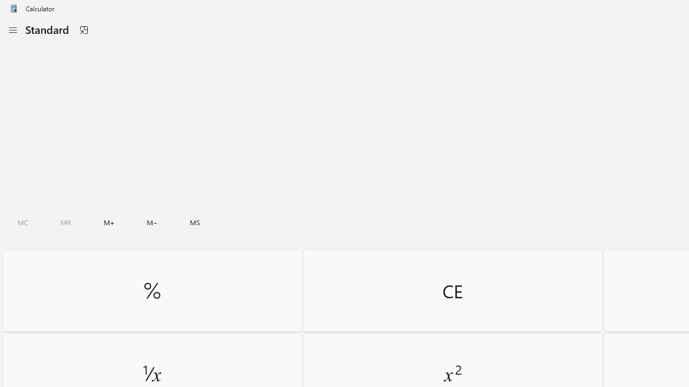 The width and height of the screenshot is (689, 387). What do you see at coordinates (23, 222) in the screenshot?
I see `'Clear all memory'` at bounding box center [23, 222].